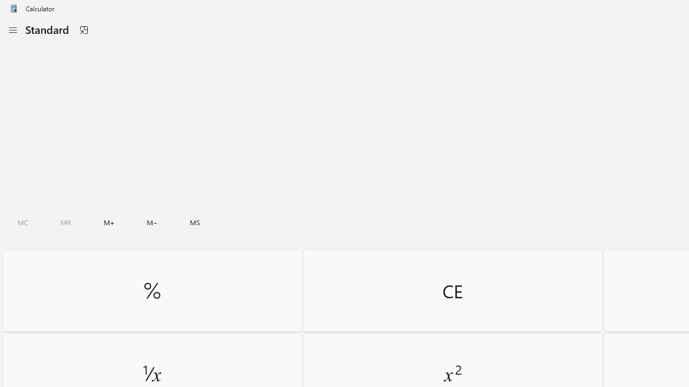 The width and height of the screenshot is (689, 387). What do you see at coordinates (23, 222) in the screenshot?
I see `'Clear all memory'` at bounding box center [23, 222].